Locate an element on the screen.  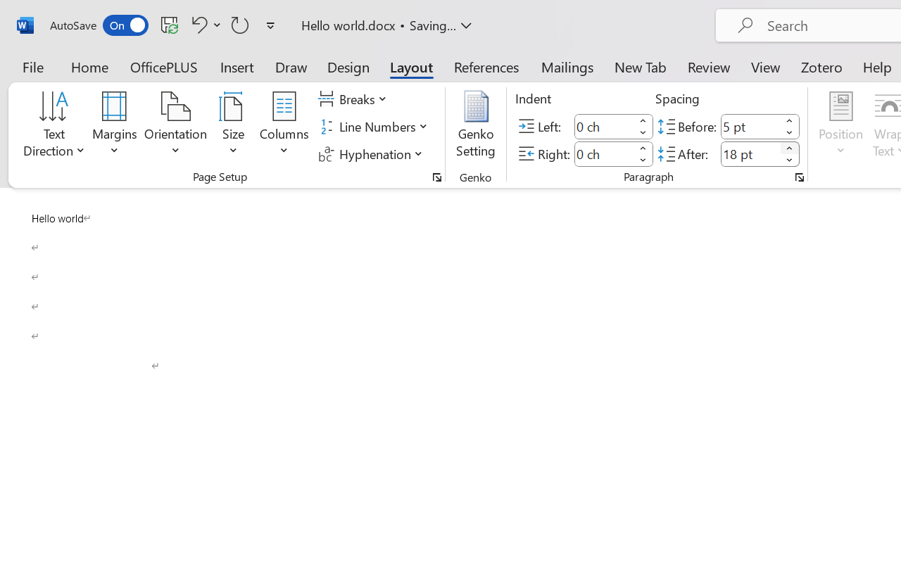
'Review' is located at coordinates (709, 66).